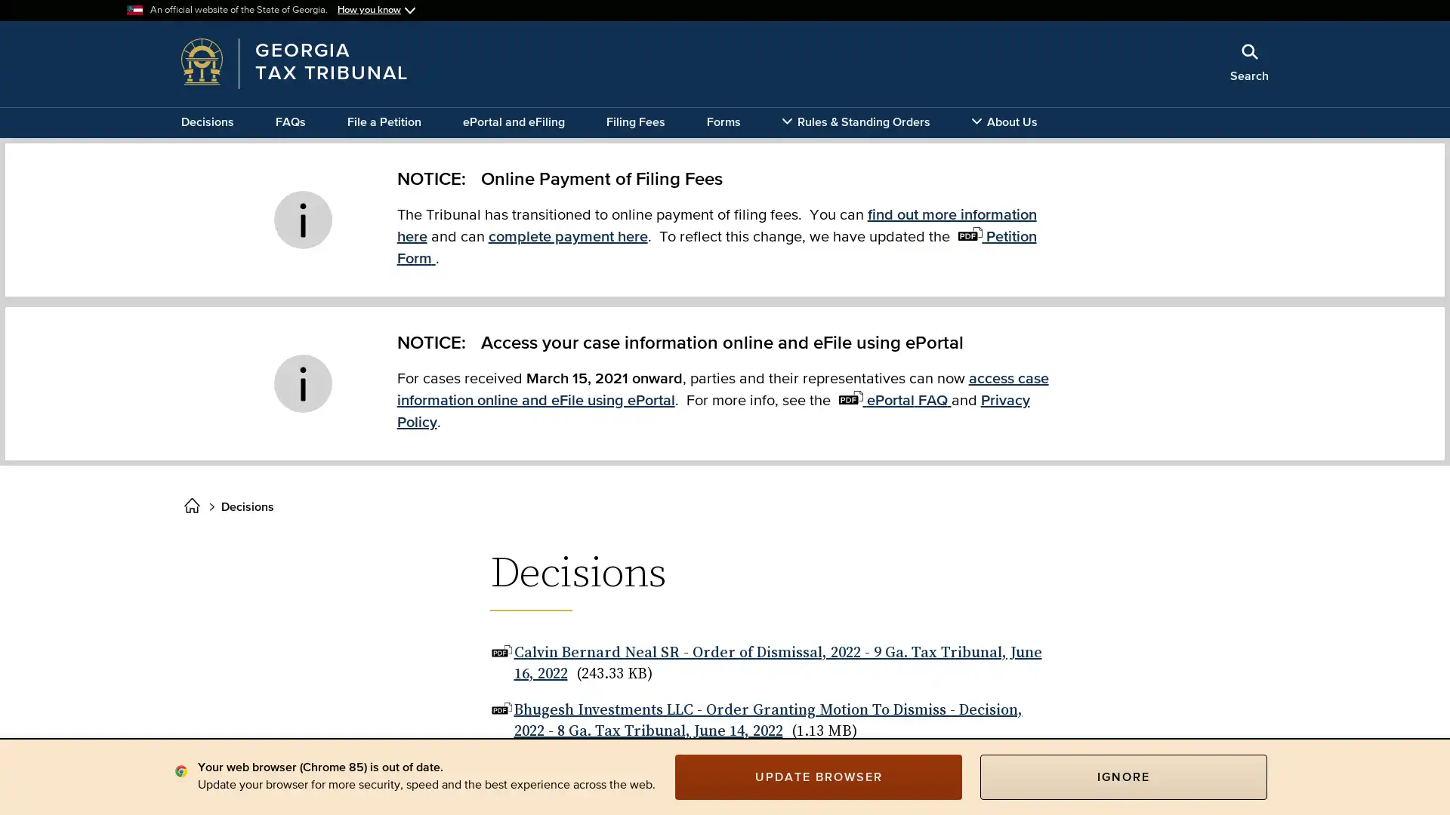  Describe the element at coordinates (1249, 64) in the screenshot. I see `Search` at that location.